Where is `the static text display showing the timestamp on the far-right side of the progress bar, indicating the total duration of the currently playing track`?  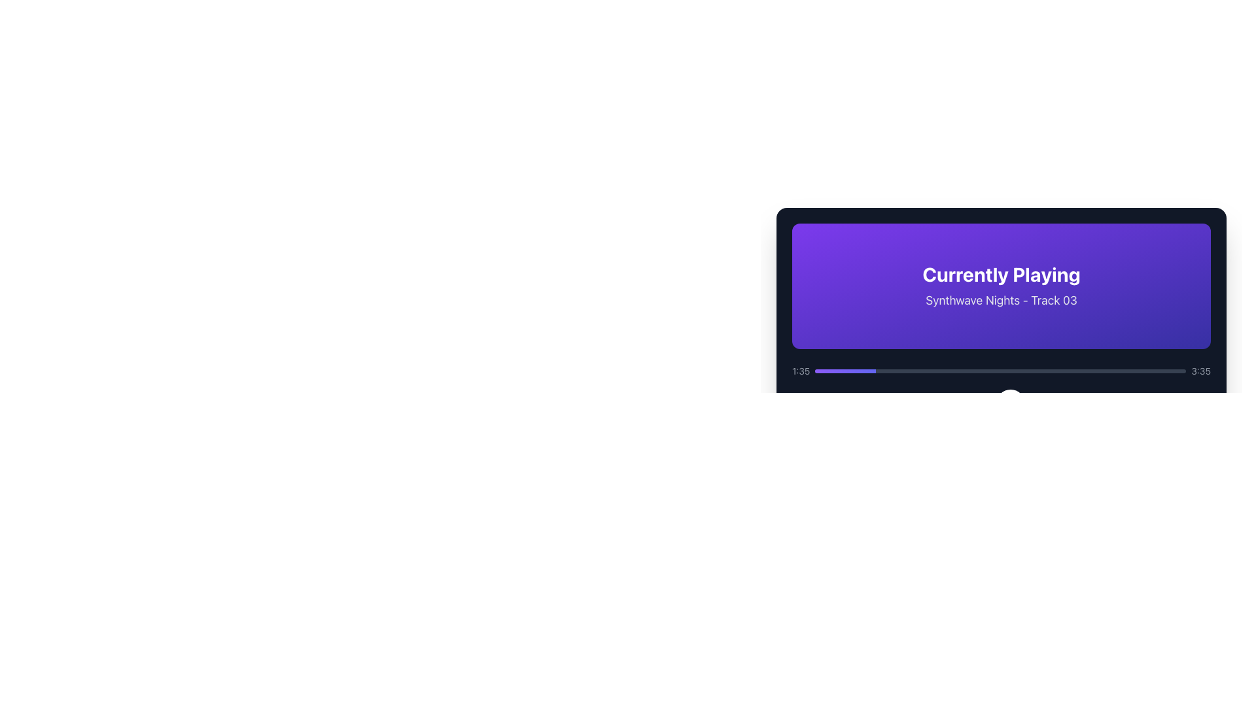
the static text display showing the timestamp on the far-right side of the progress bar, indicating the total duration of the currently playing track is located at coordinates (1201, 371).